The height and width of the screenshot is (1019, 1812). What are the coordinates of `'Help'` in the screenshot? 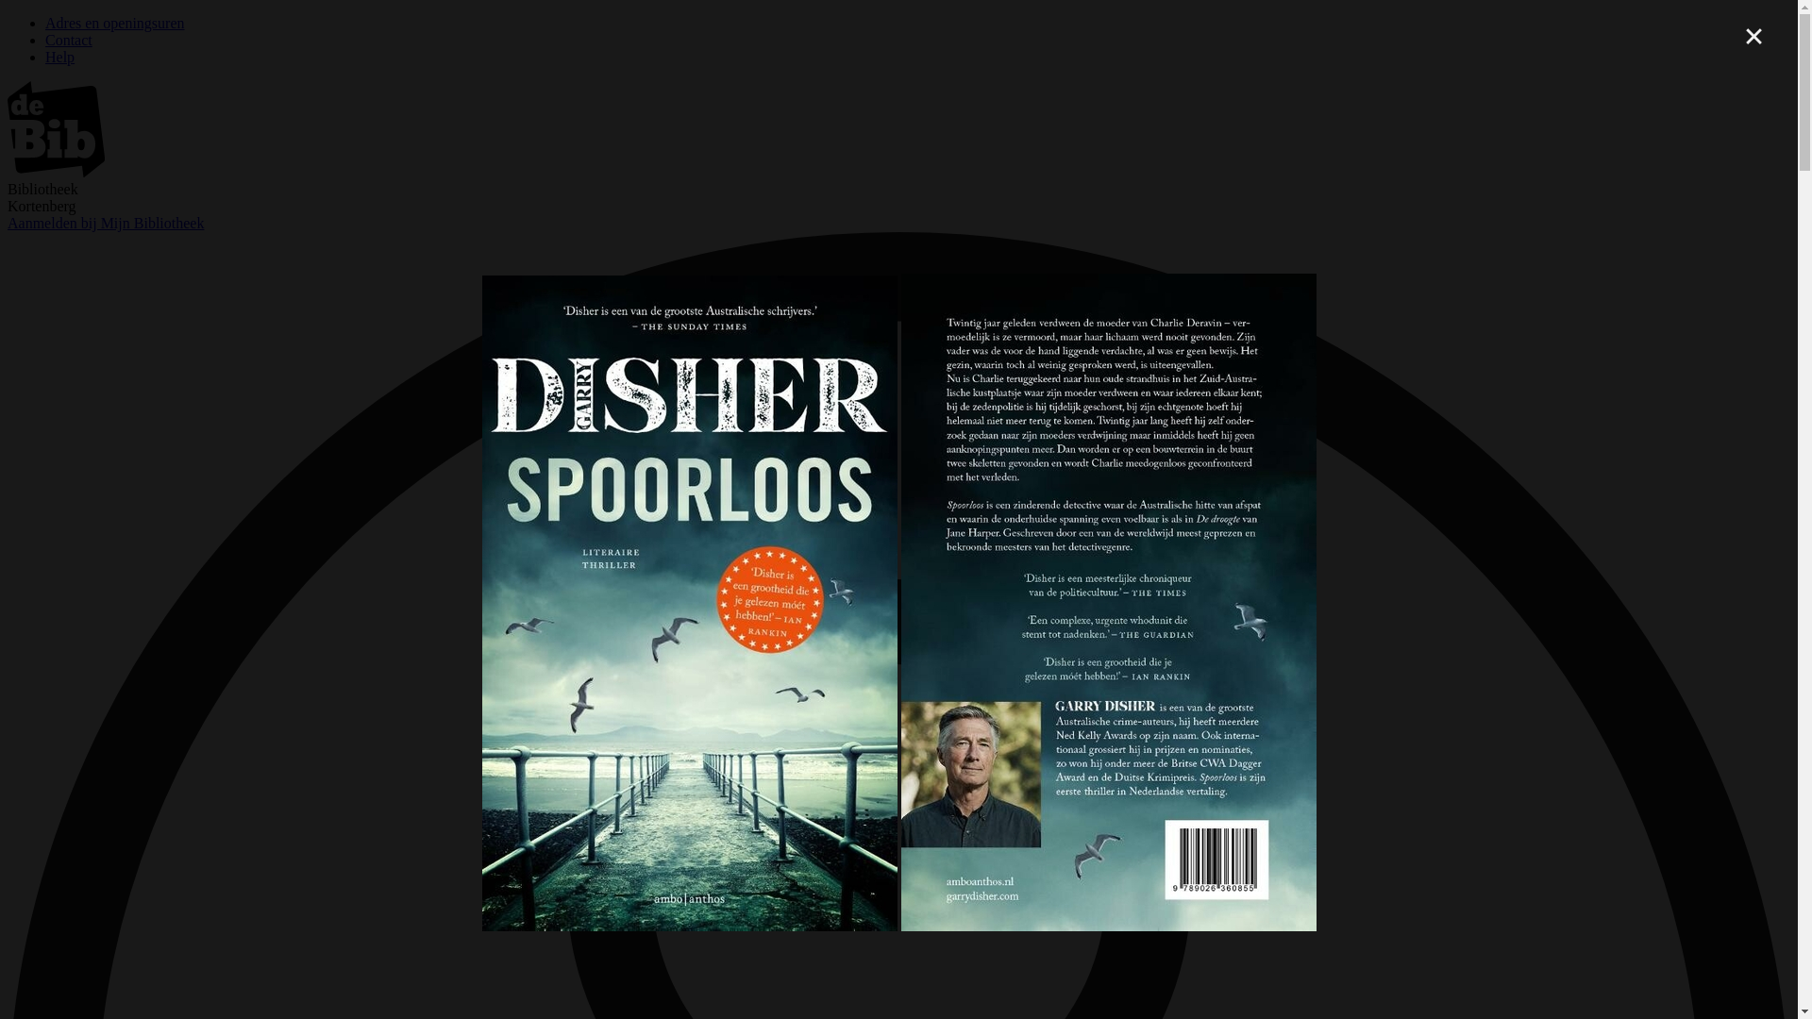 It's located at (45, 56).